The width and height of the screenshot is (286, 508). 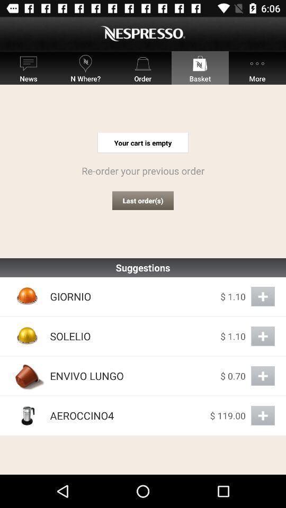 What do you see at coordinates (200, 63) in the screenshot?
I see `the icon above basket` at bounding box center [200, 63].